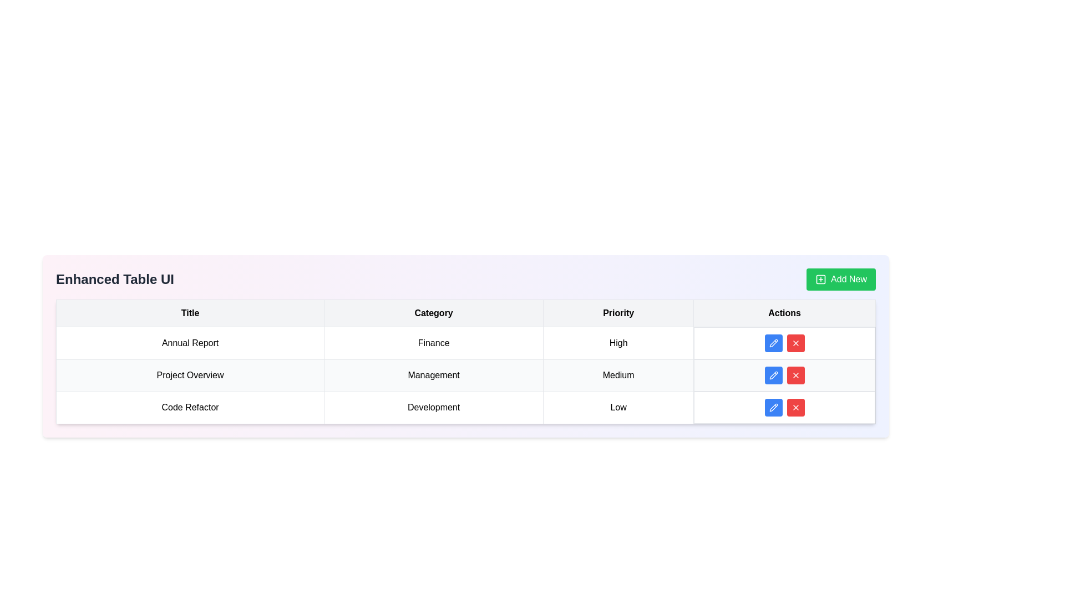 The image size is (1065, 599). Describe the element at coordinates (795, 375) in the screenshot. I see `the small red button with a white 'X' icon in the 'Actions' column of the table row for the 'Annual Report'` at that location.